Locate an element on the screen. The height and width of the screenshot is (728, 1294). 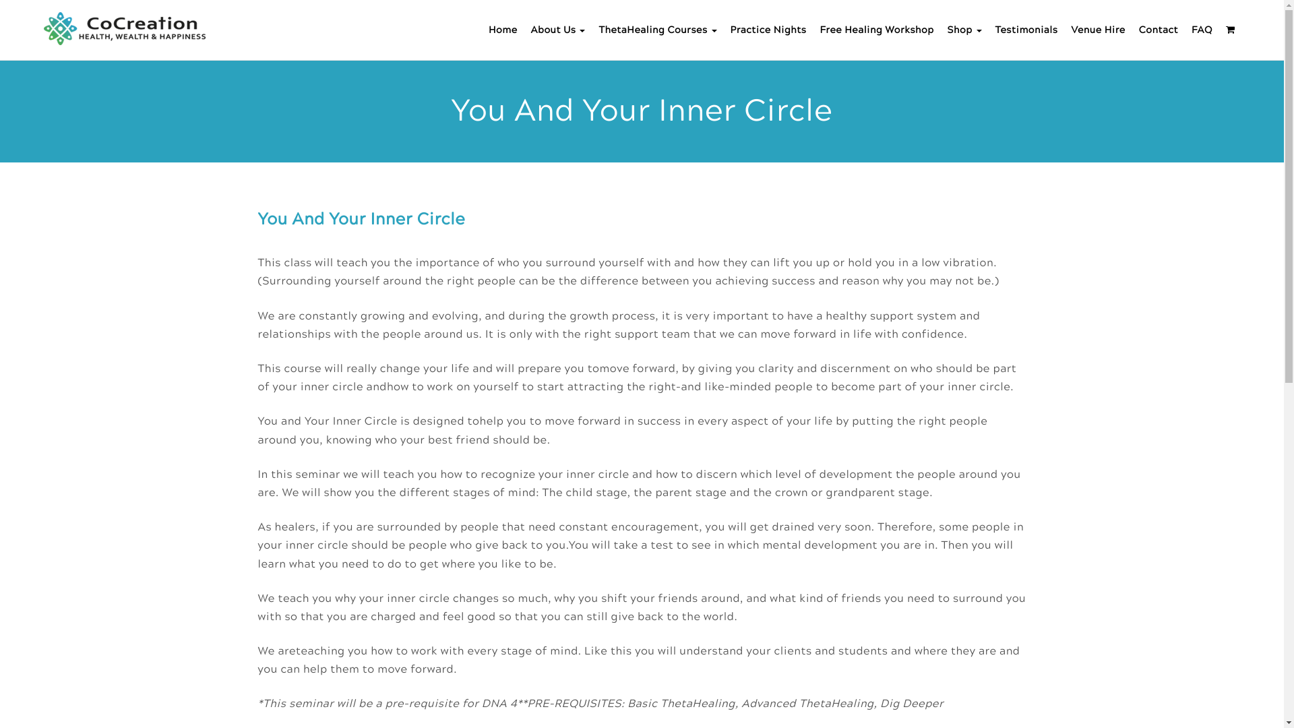
'FAQ' is located at coordinates (1191, 28).